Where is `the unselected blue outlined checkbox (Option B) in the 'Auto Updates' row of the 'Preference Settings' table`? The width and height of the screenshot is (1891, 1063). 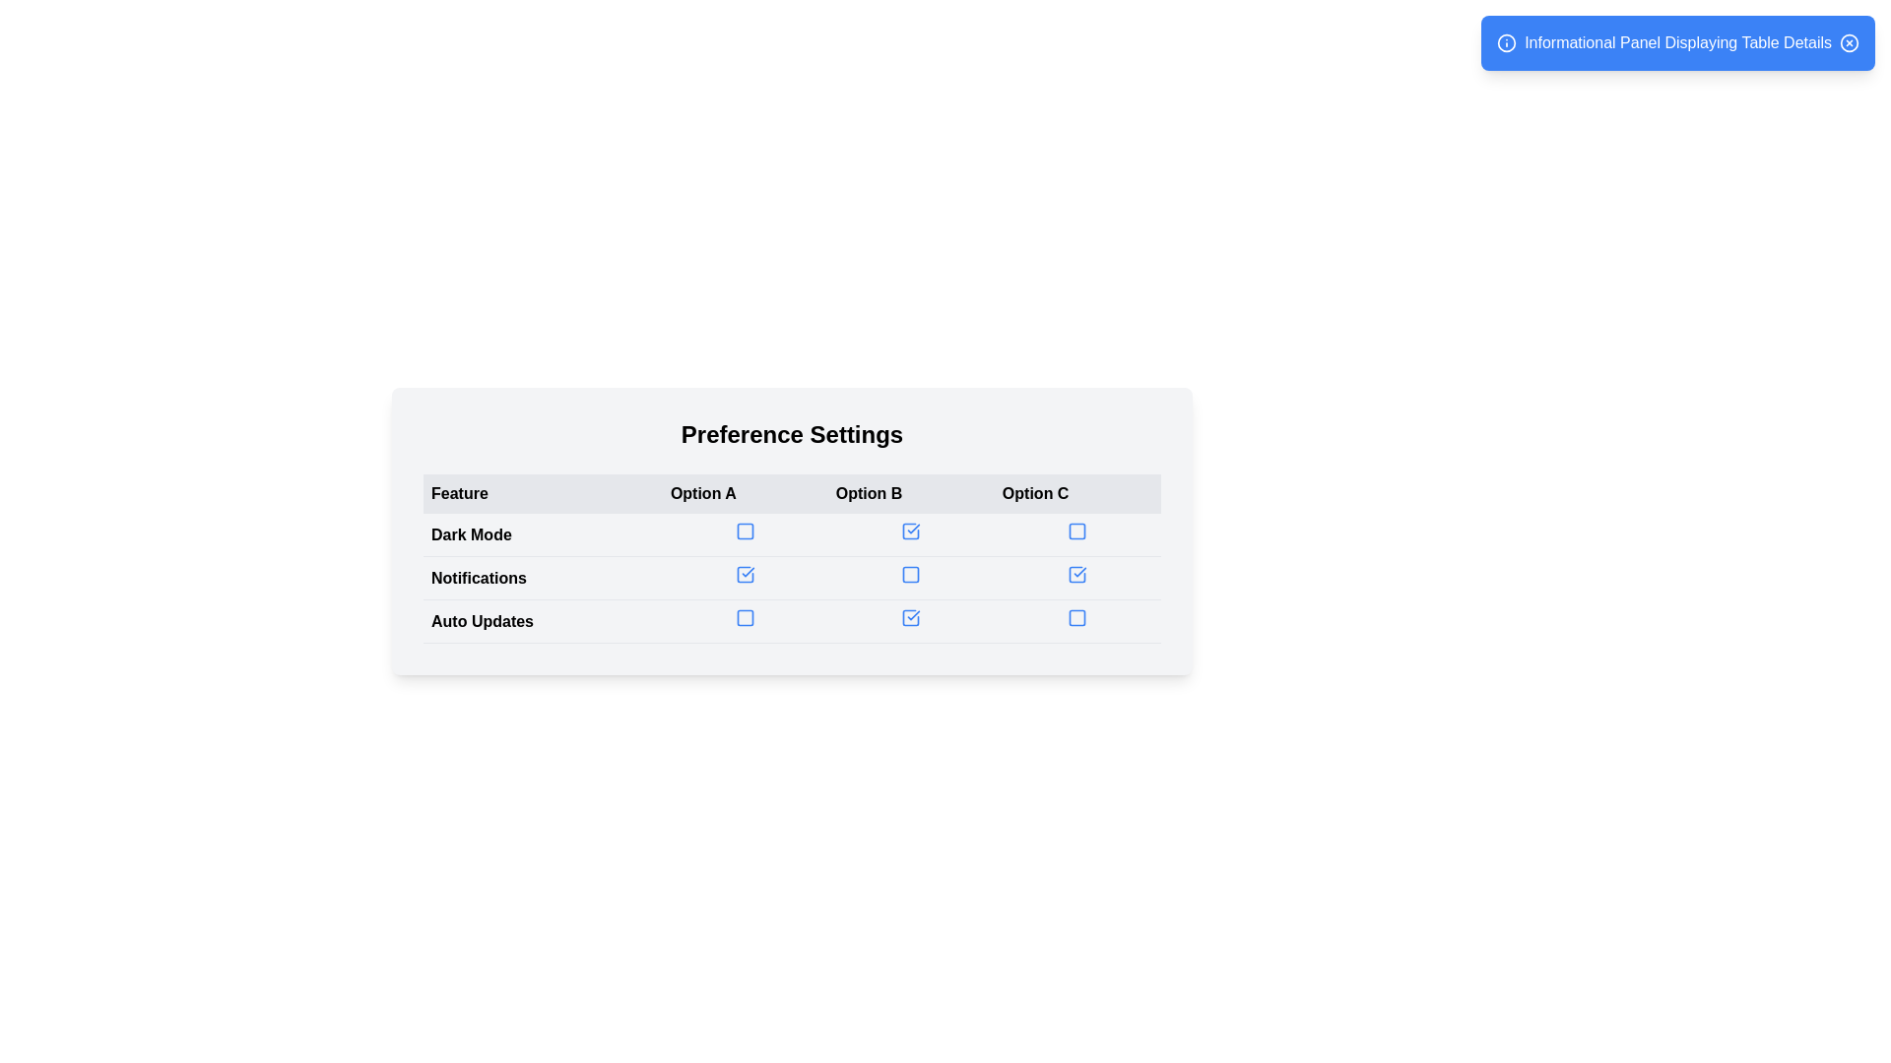 the unselected blue outlined checkbox (Option B) in the 'Auto Updates' row of the 'Preference Settings' table is located at coordinates (744, 621).